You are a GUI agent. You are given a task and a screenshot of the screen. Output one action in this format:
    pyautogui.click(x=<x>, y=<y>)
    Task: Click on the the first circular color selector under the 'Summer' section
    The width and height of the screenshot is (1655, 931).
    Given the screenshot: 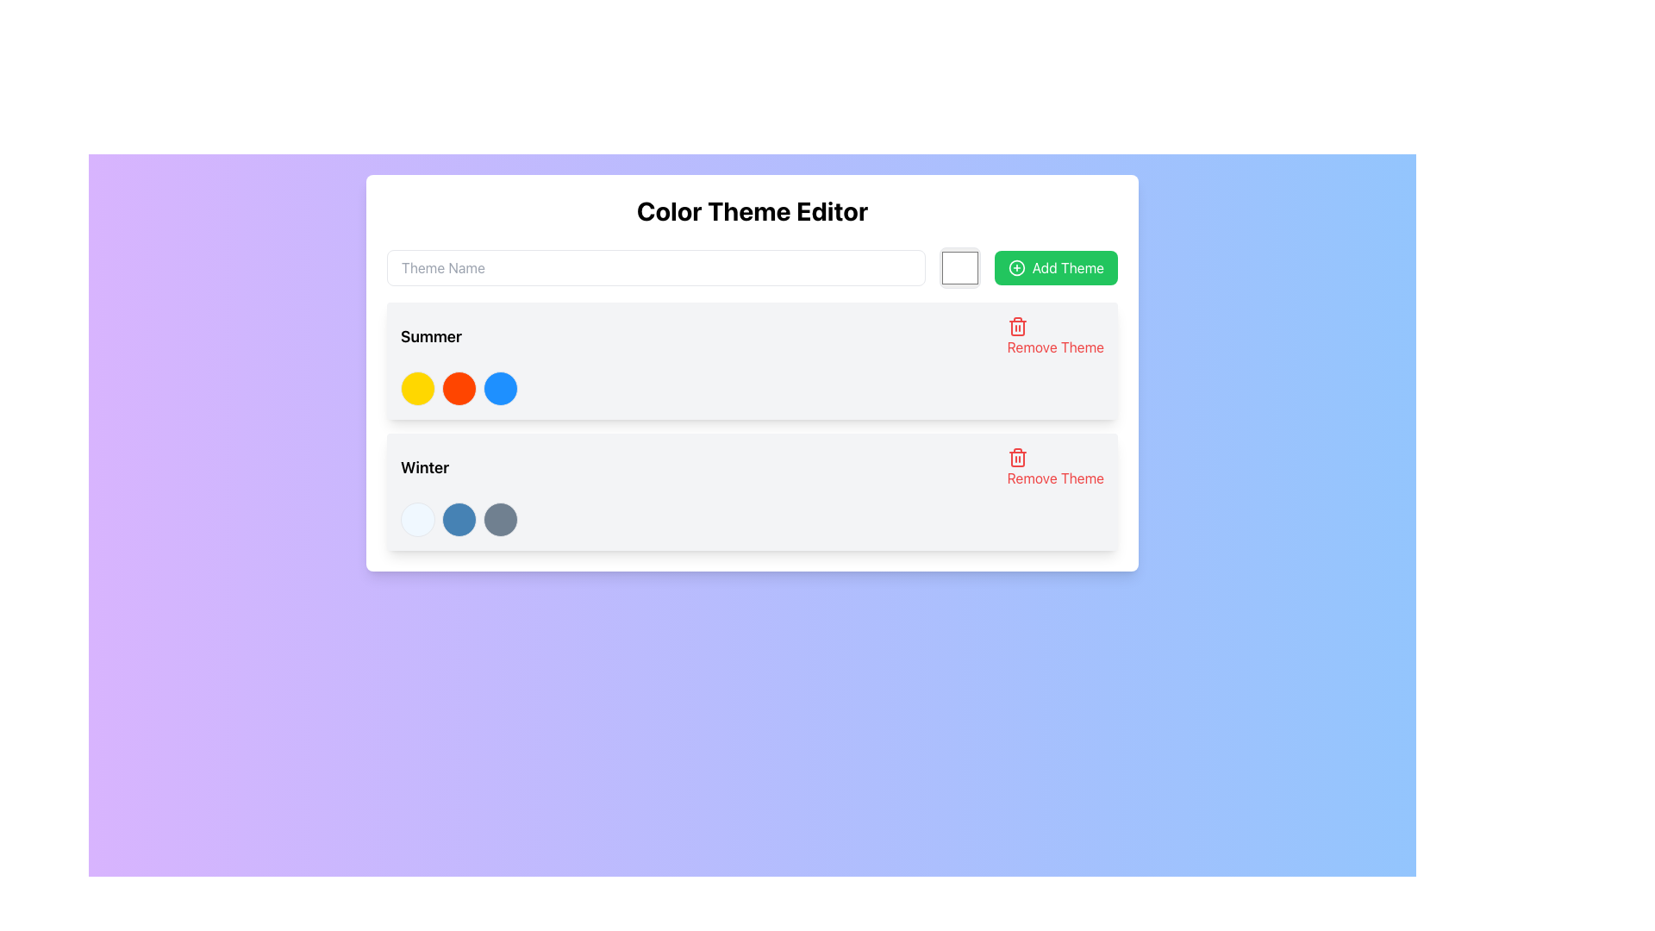 What is the action you would take?
    pyautogui.click(x=417, y=389)
    